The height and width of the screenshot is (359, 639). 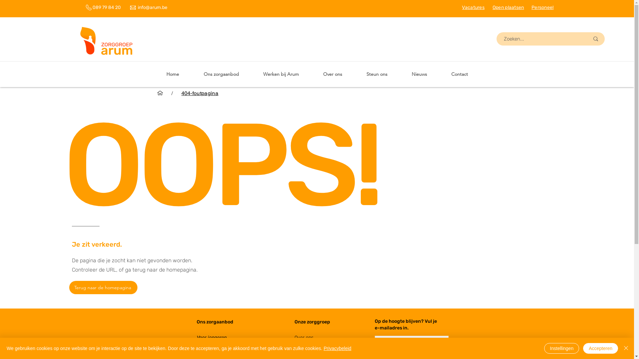 What do you see at coordinates (377, 74) in the screenshot?
I see `'Steun ons'` at bounding box center [377, 74].